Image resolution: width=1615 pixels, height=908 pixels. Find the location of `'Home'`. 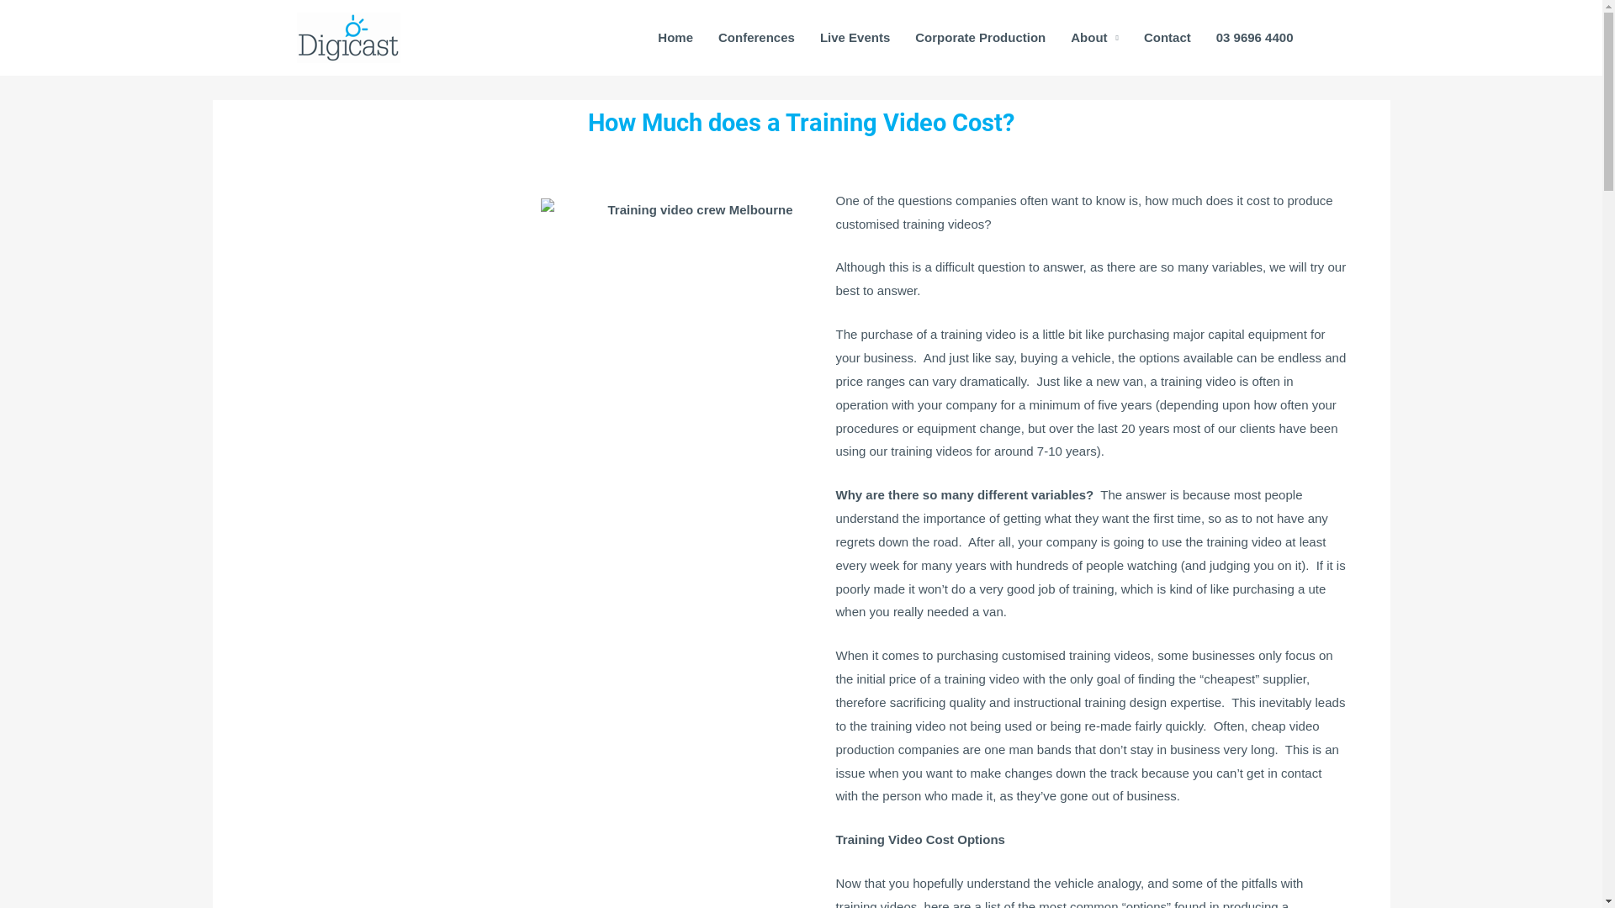

'Home' is located at coordinates (675, 38).